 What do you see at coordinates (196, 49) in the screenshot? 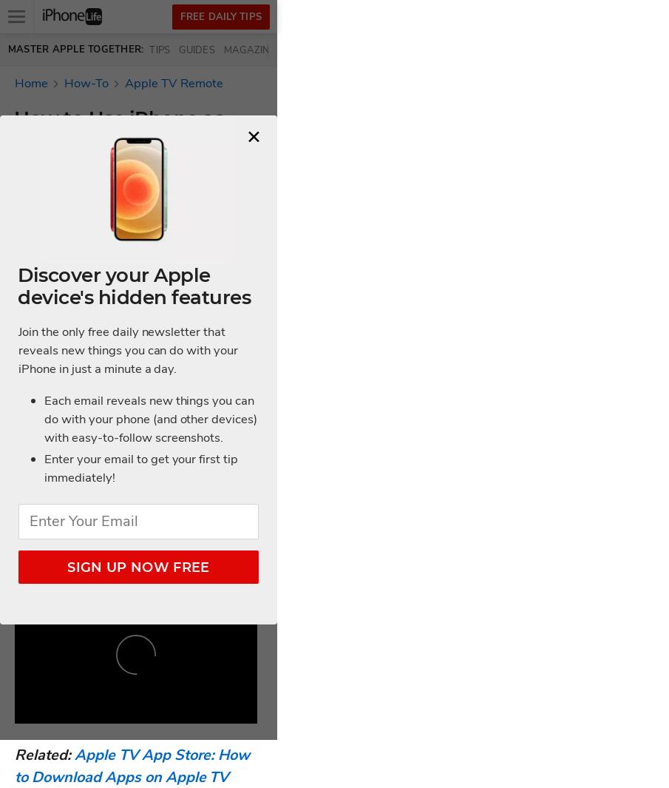
I see `'Guides'` at bounding box center [196, 49].